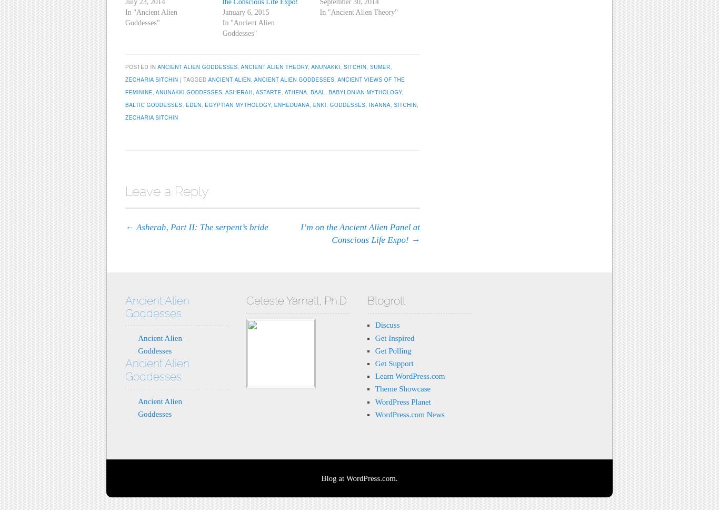 Image resolution: width=719 pixels, height=510 pixels. Describe the element at coordinates (167, 191) in the screenshot. I see `'Leave a Reply'` at that location.